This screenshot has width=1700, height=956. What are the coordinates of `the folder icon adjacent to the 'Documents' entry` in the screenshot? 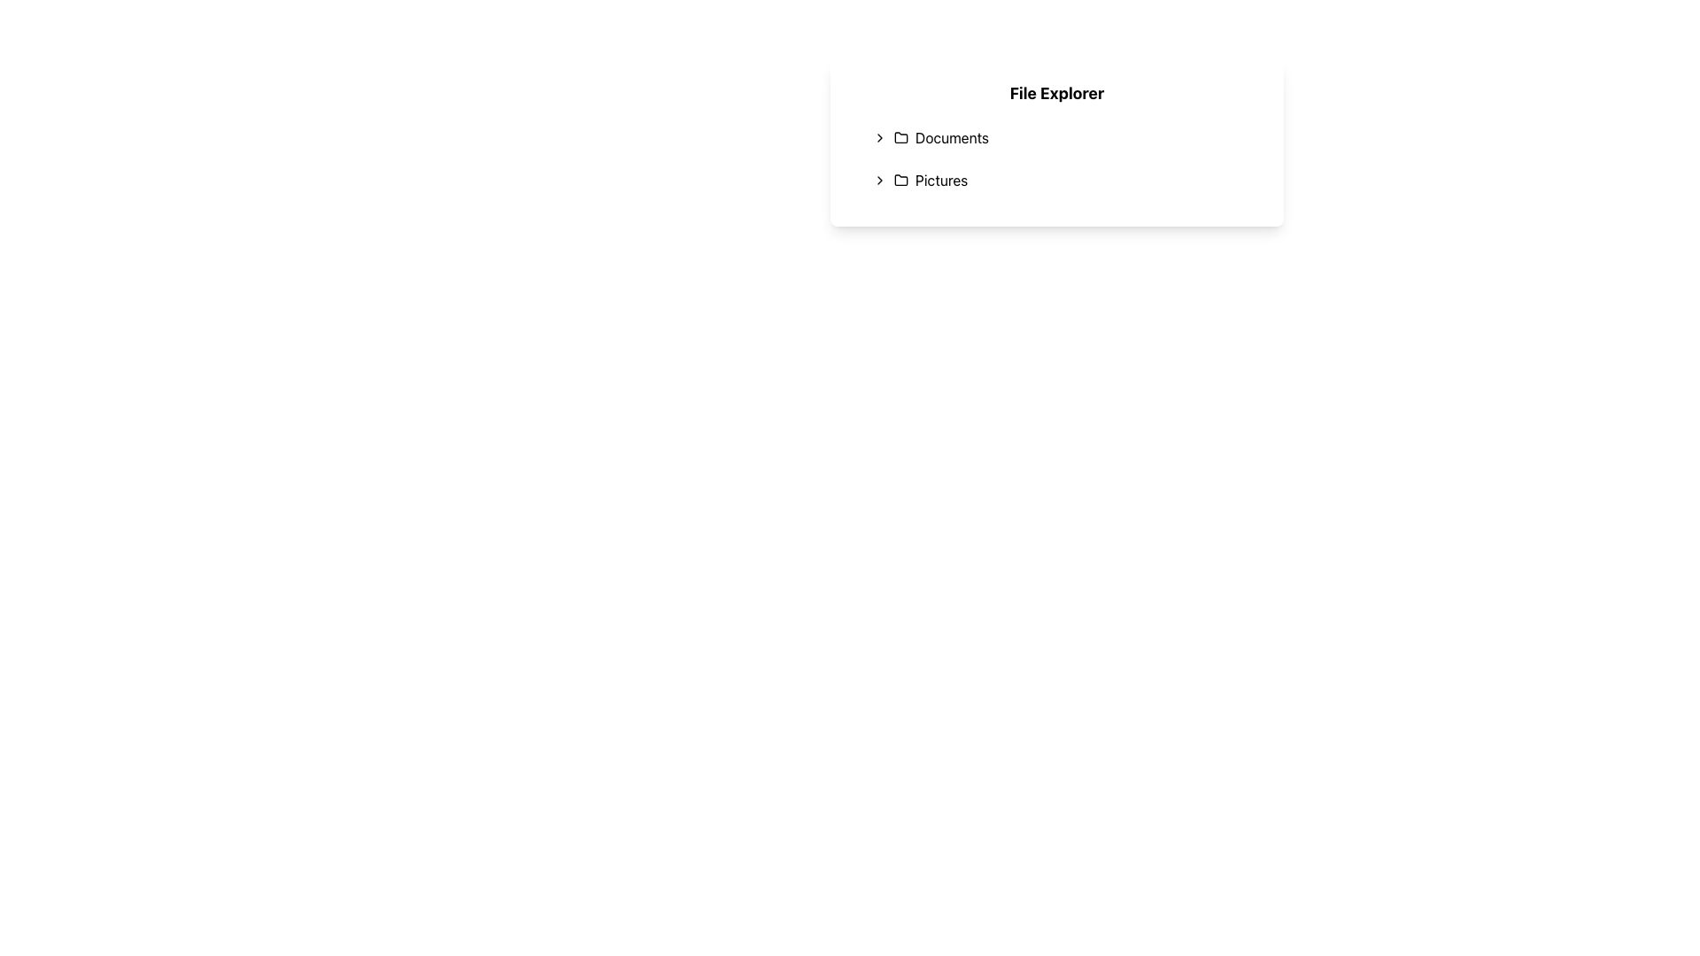 It's located at (900, 135).